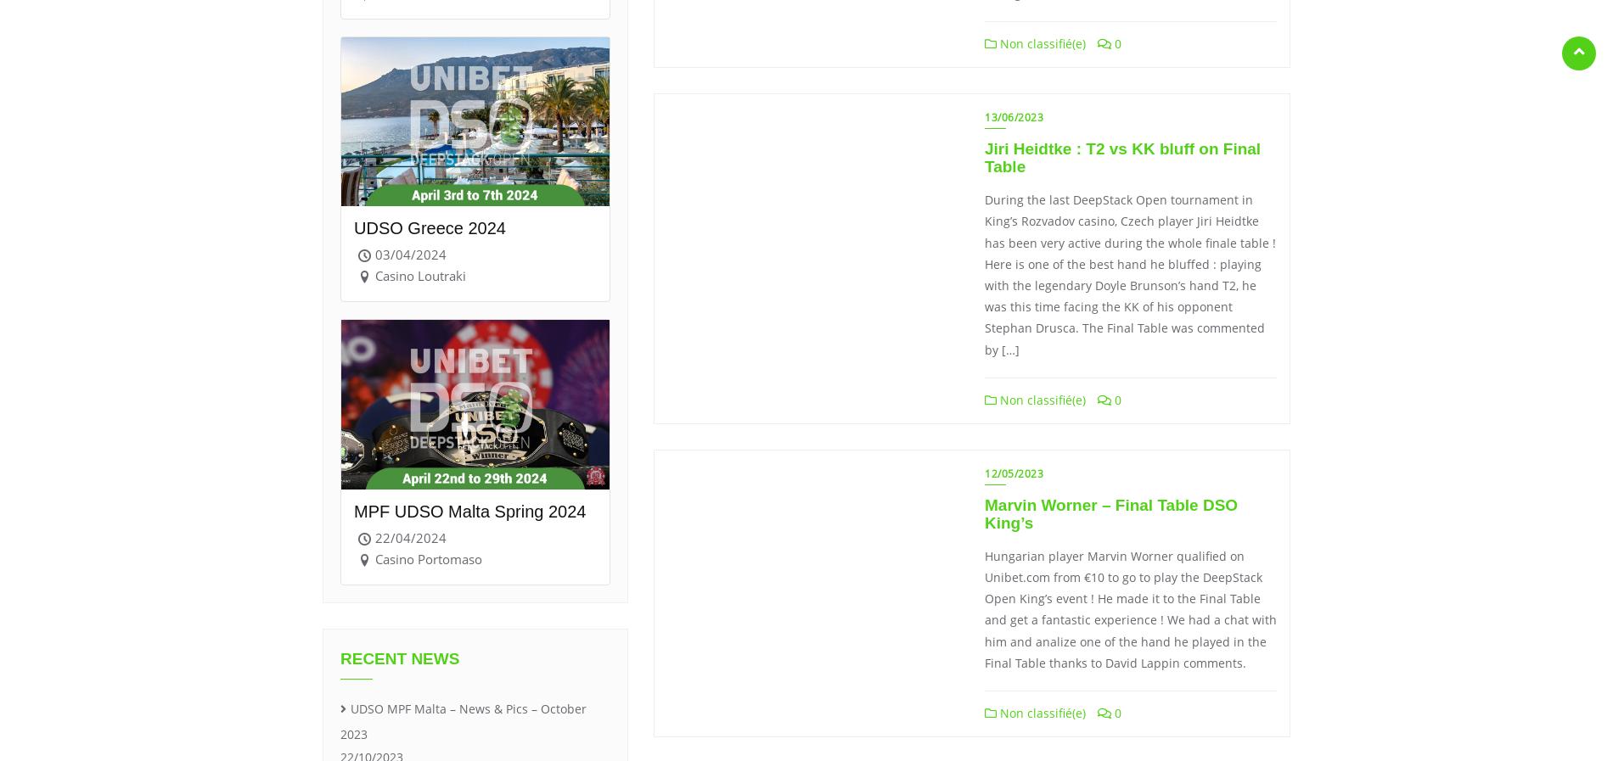 This screenshot has height=761, width=1613. Describe the element at coordinates (984, 514) in the screenshot. I see `'Marvin Worner – Final Table DSO King’s'` at that location.